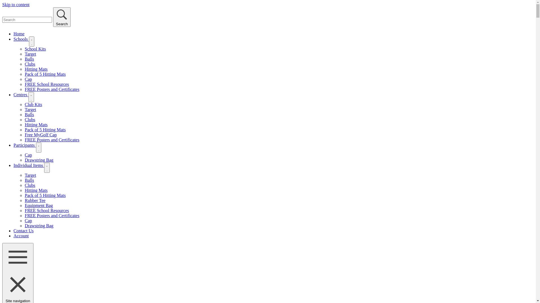 The width and height of the screenshot is (540, 303). Describe the element at coordinates (24, 74) in the screenshot. I see `'Pack of 5 Hitting Mats'` at that location.